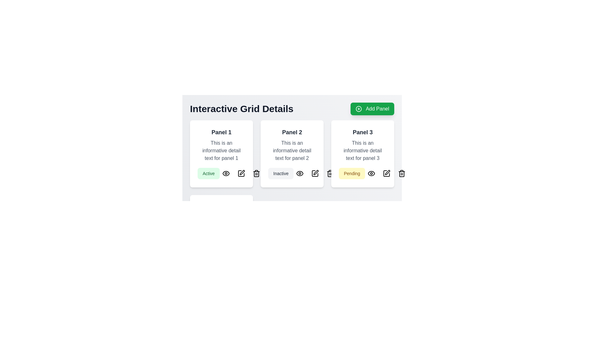 The width and height of the screenshot is (608, 342). Describe the element at coordinates (226, 173) in the screenshot. I see `the first interactive button in the horizontal group of three icons below the 'Active' status indicator in the 'Panel 1' card to possibly reveal a tooltip` at that location.